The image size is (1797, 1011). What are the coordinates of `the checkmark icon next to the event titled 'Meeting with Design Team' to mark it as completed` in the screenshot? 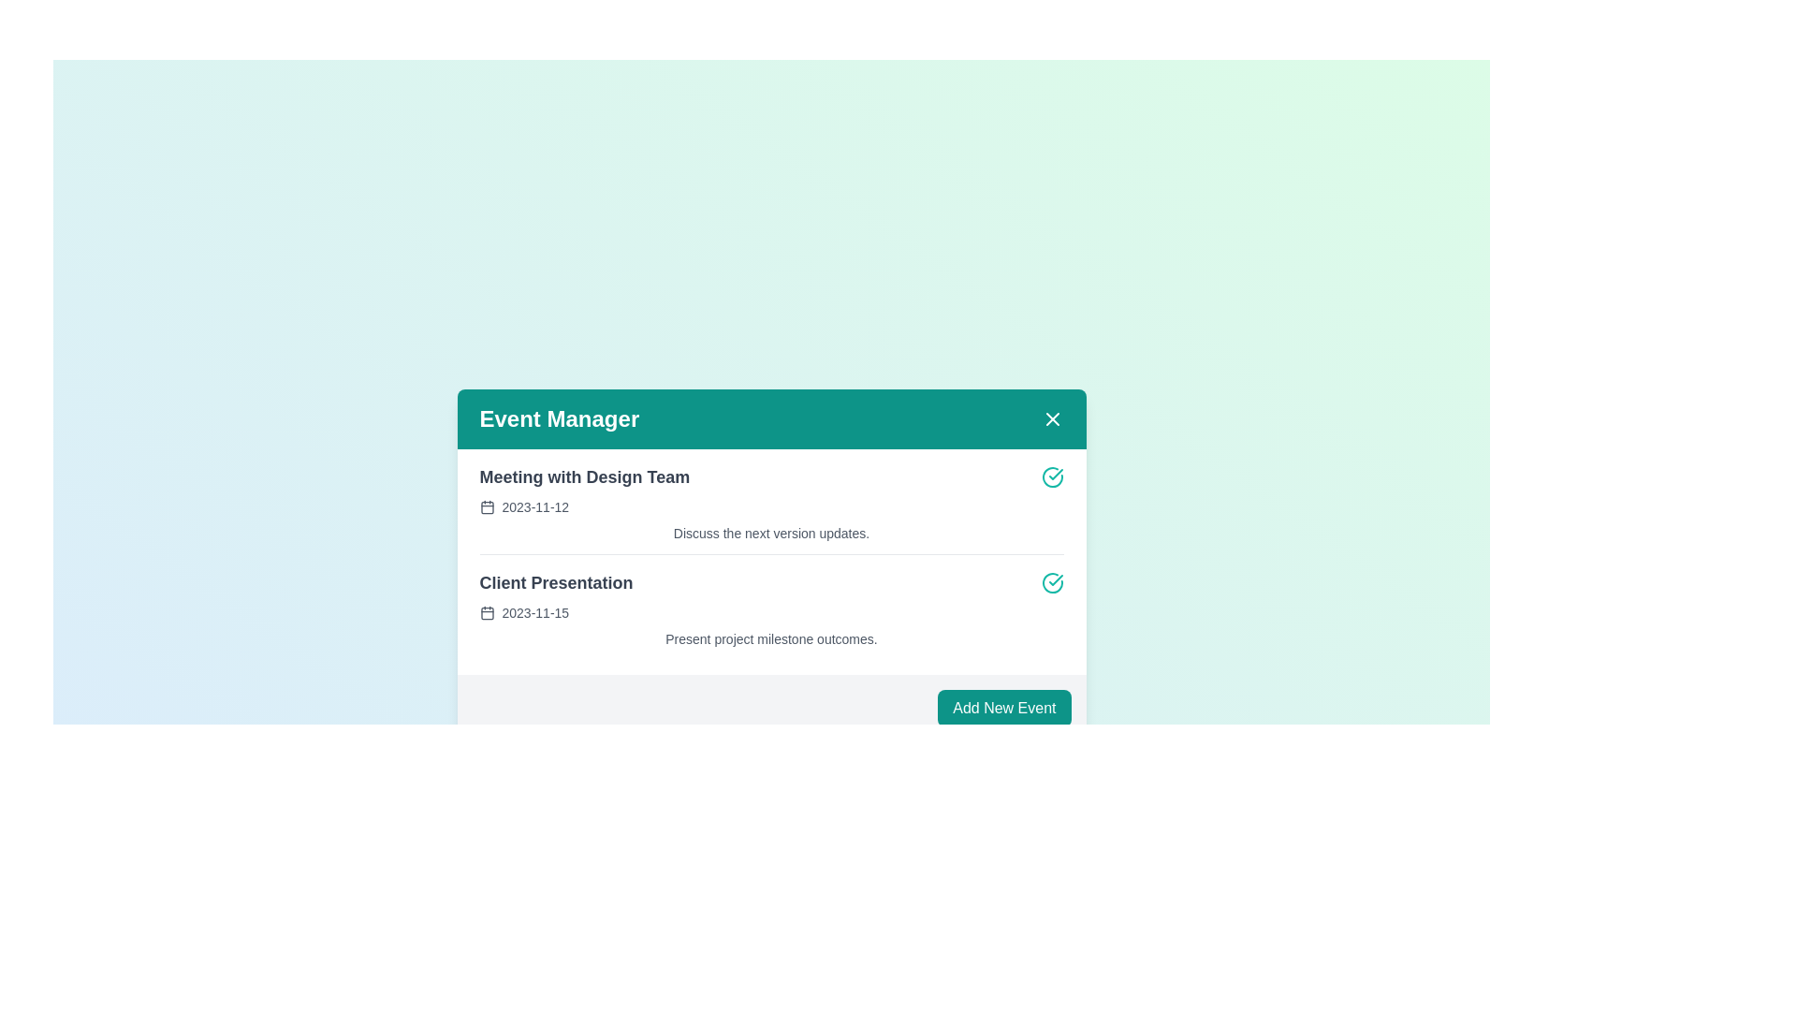 It's located at (1052, 476).